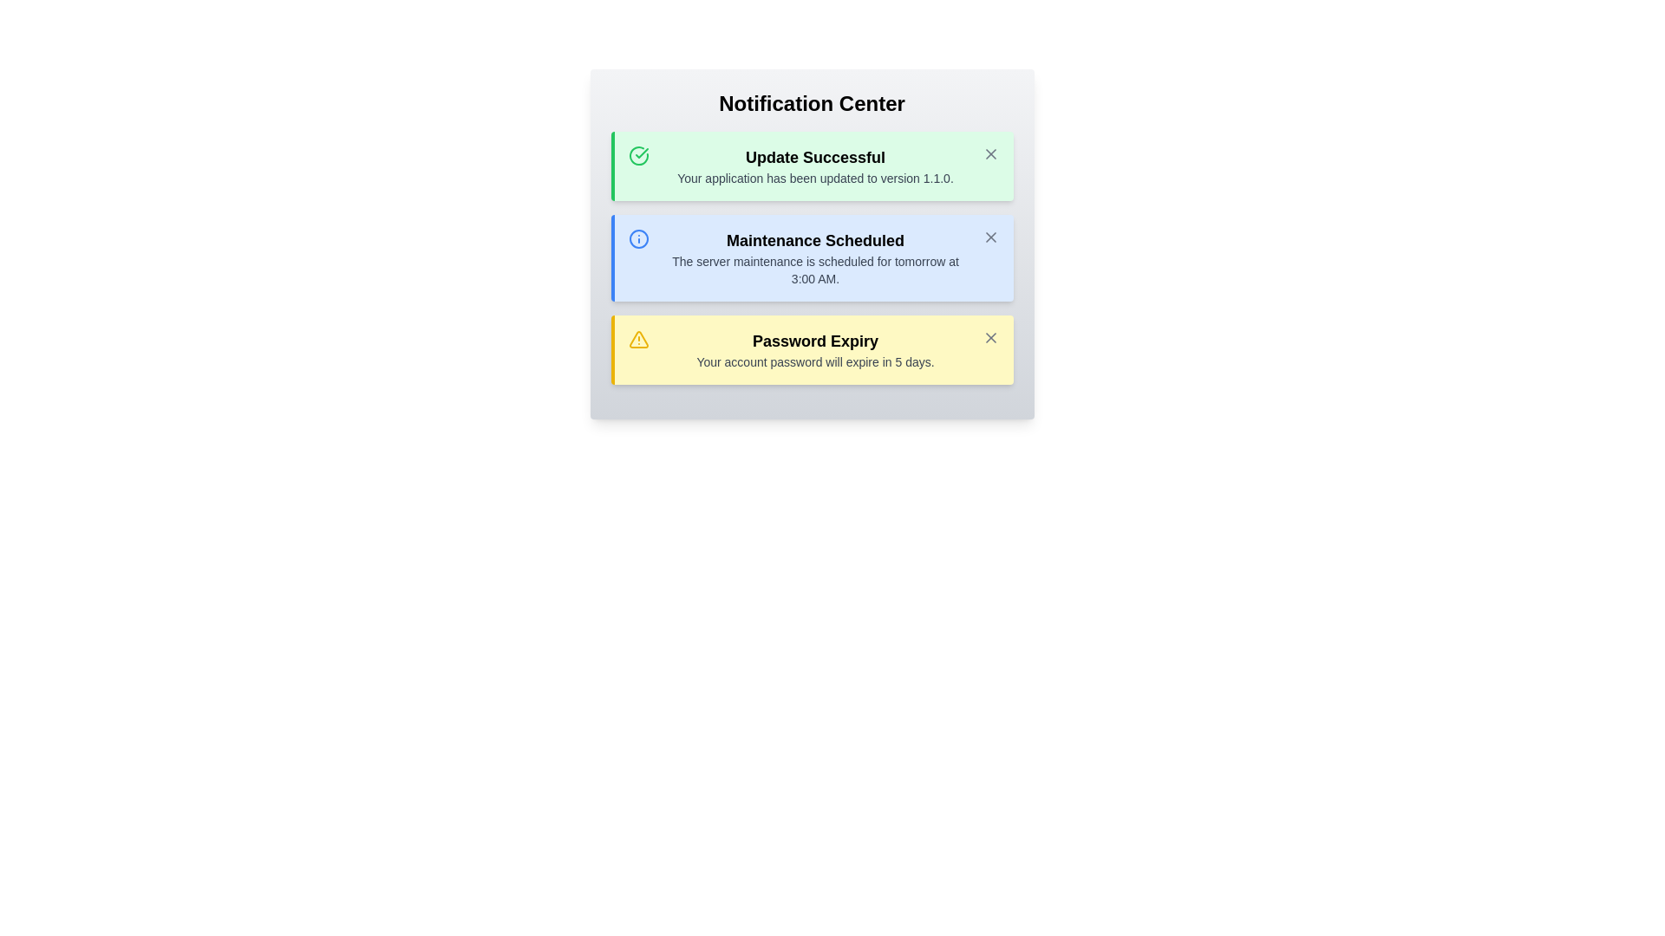  Describe the element at coordinates (640, 153) in the screenshot. I see `the green checkmark icon within the circular outline in the top-left corner of the notification card that indicates 'Update Successful'` at that location.